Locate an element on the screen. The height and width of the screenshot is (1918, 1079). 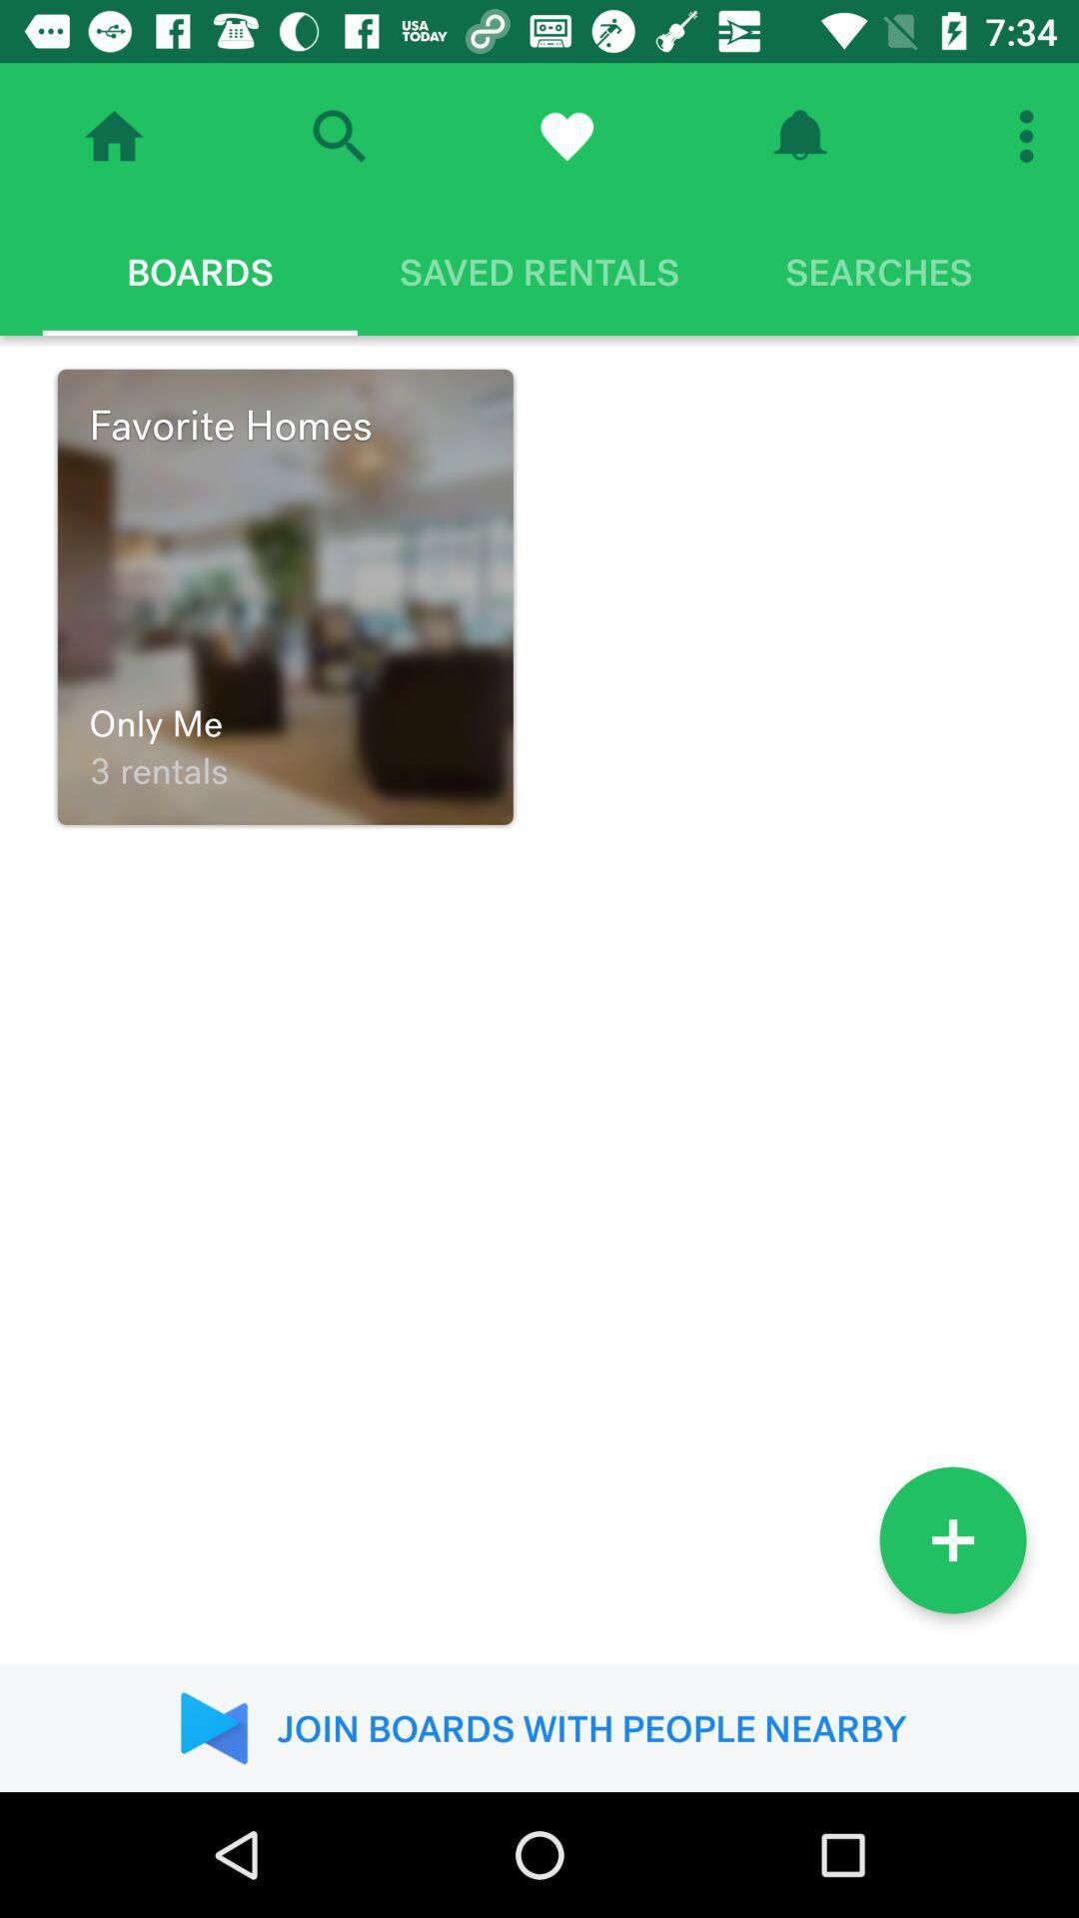
the join boards with people nearby text in the bottom is located at coordinates (539, 1728).